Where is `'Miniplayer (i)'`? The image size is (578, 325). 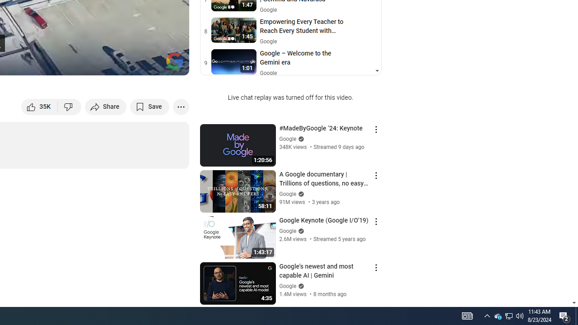 'Miniplayer (i)' is located at coordinates (129, 64).